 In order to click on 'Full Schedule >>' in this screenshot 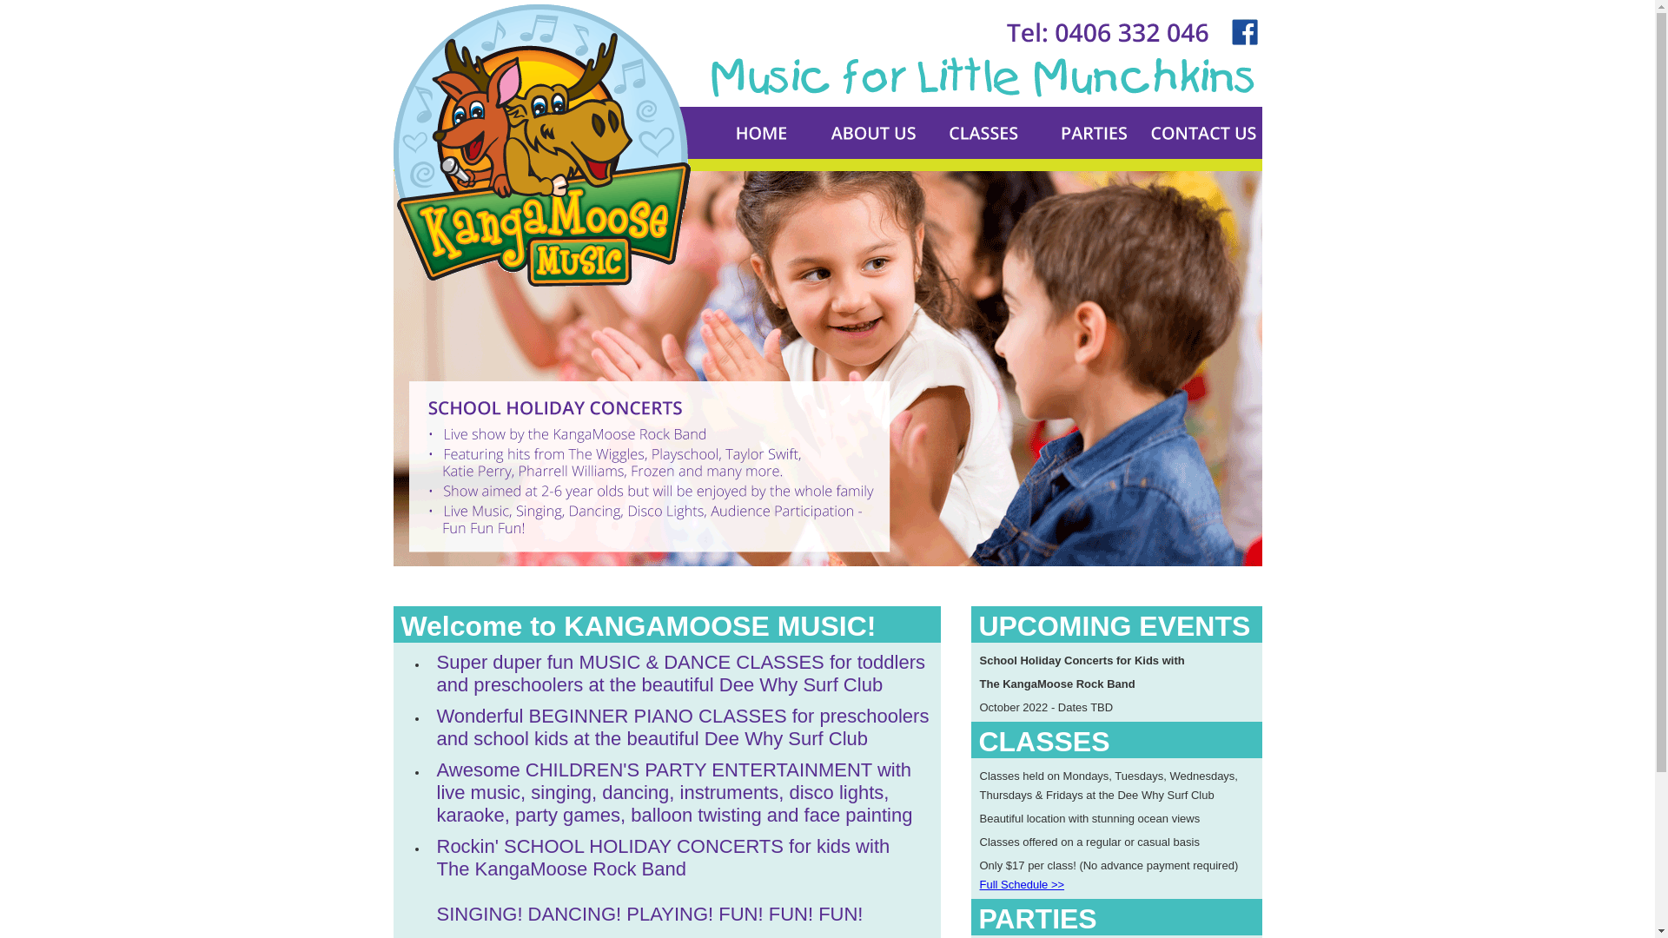, I will do `click(1022, 884)`.